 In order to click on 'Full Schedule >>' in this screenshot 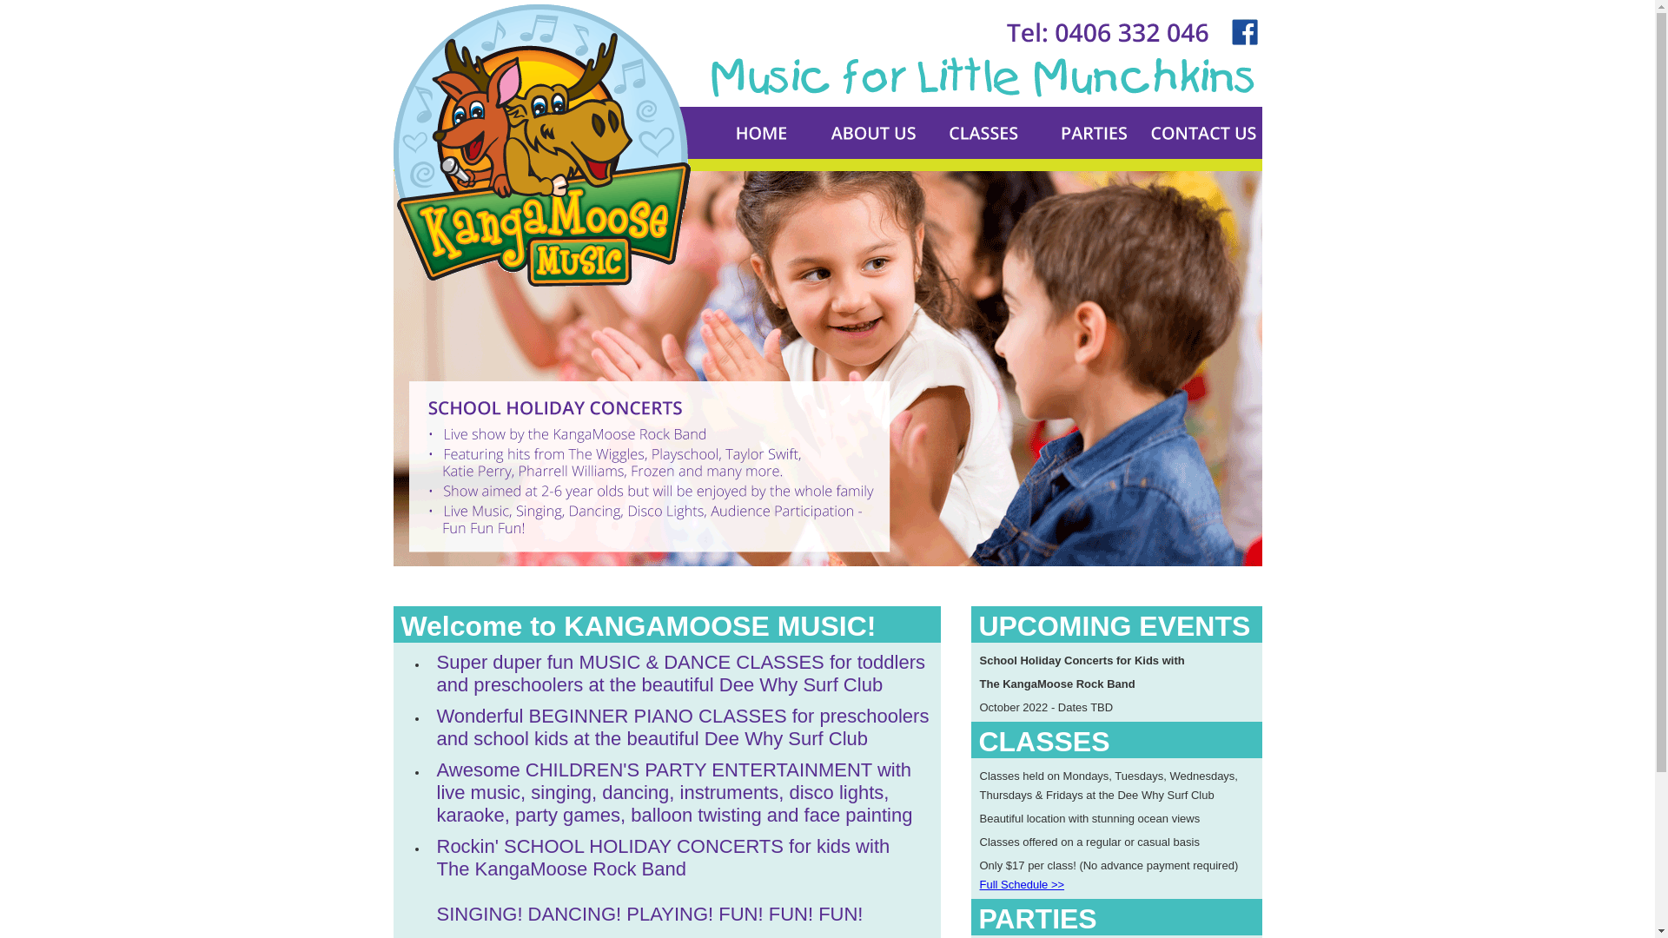, I will do `click(1022, 884)`.